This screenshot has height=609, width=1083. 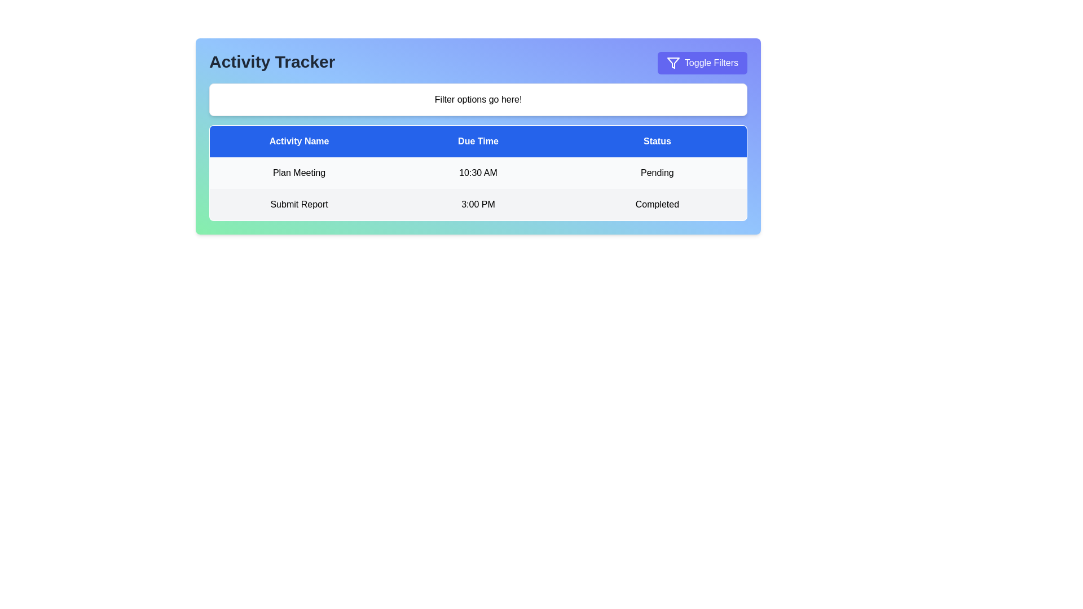 I want to click on the 'Toggle Filters' button which contains the triangular funnel icon outlined in white against a purple background, so click(x=673, y=63).